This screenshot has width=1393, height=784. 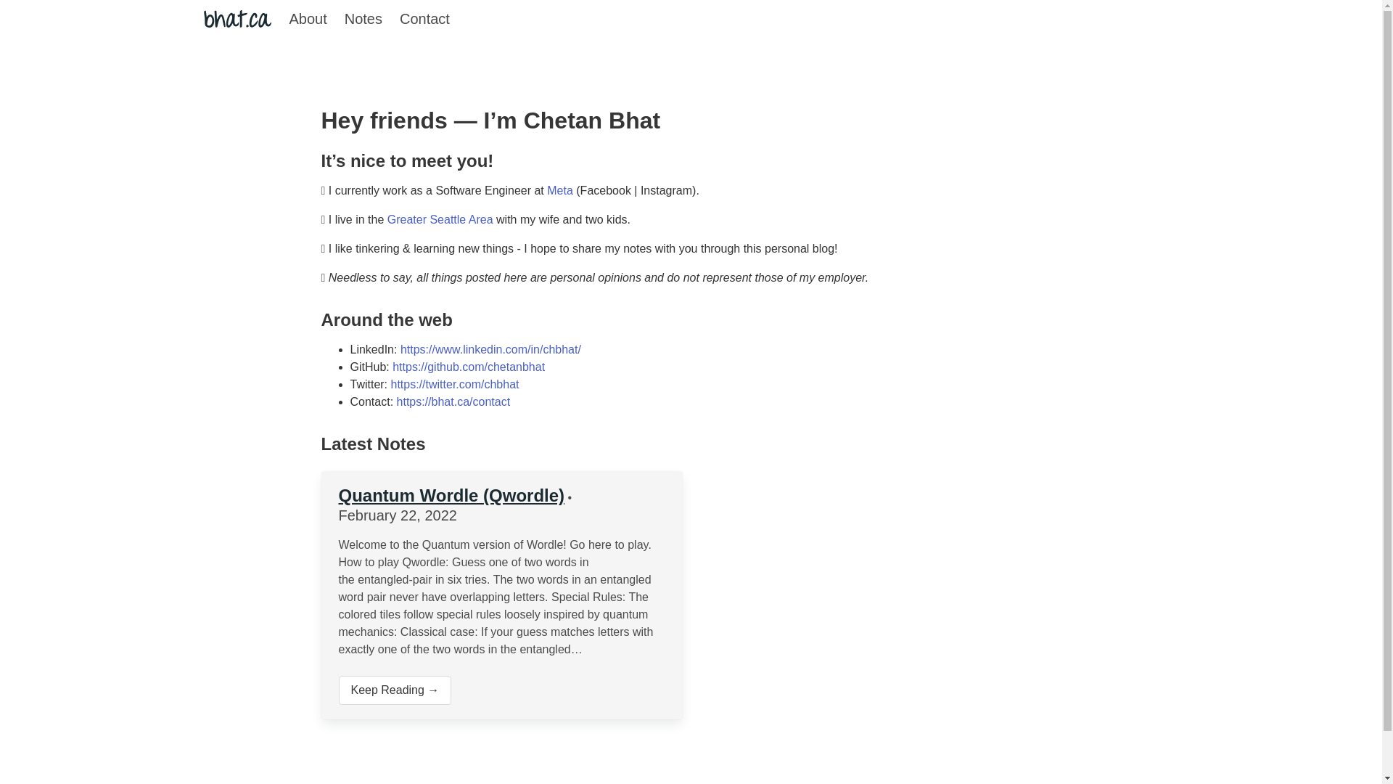 I want to click on 'https://github.com/chetanbhat', so click(x=469, y=366).